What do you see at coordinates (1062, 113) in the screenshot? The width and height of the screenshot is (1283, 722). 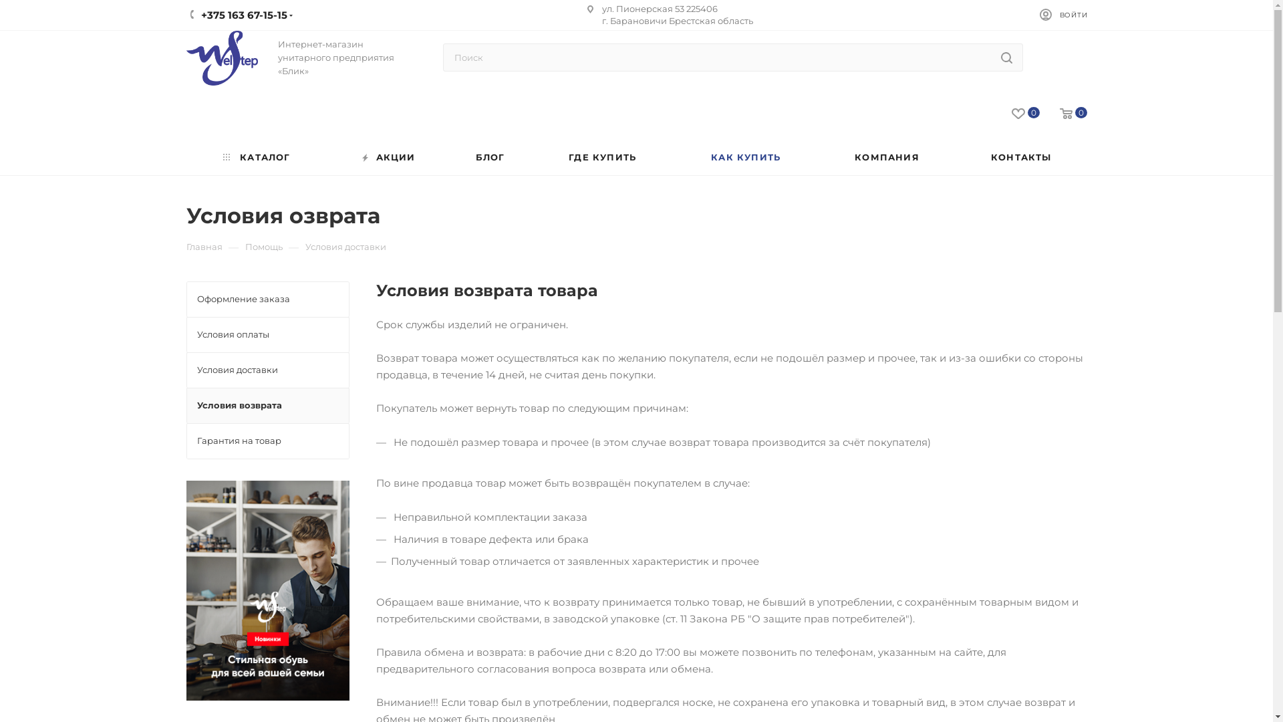 I see `'0'` at bounding box center [1062, 113].